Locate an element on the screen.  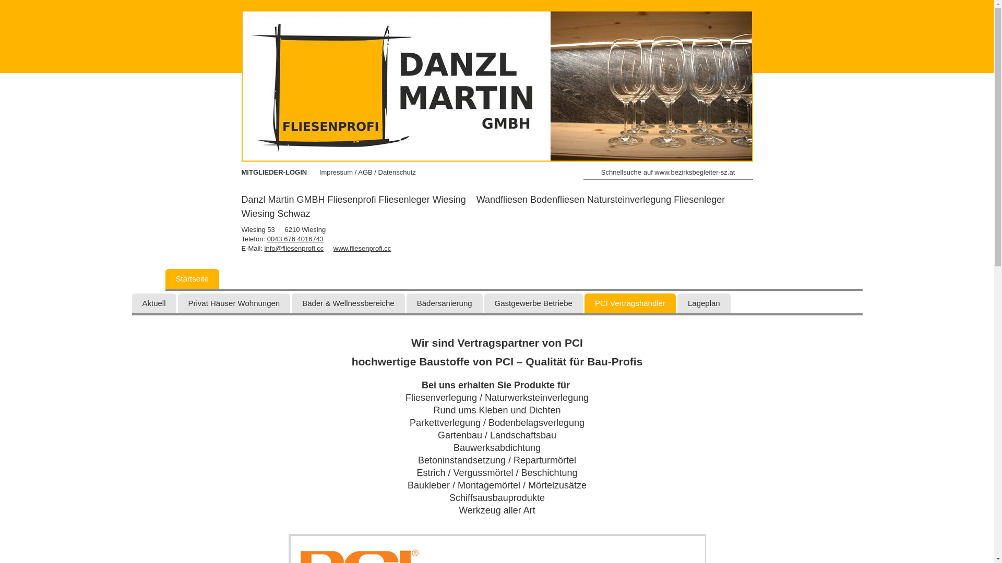
'info@fliesenprofi.cc' is located at coordinates (265, 248).